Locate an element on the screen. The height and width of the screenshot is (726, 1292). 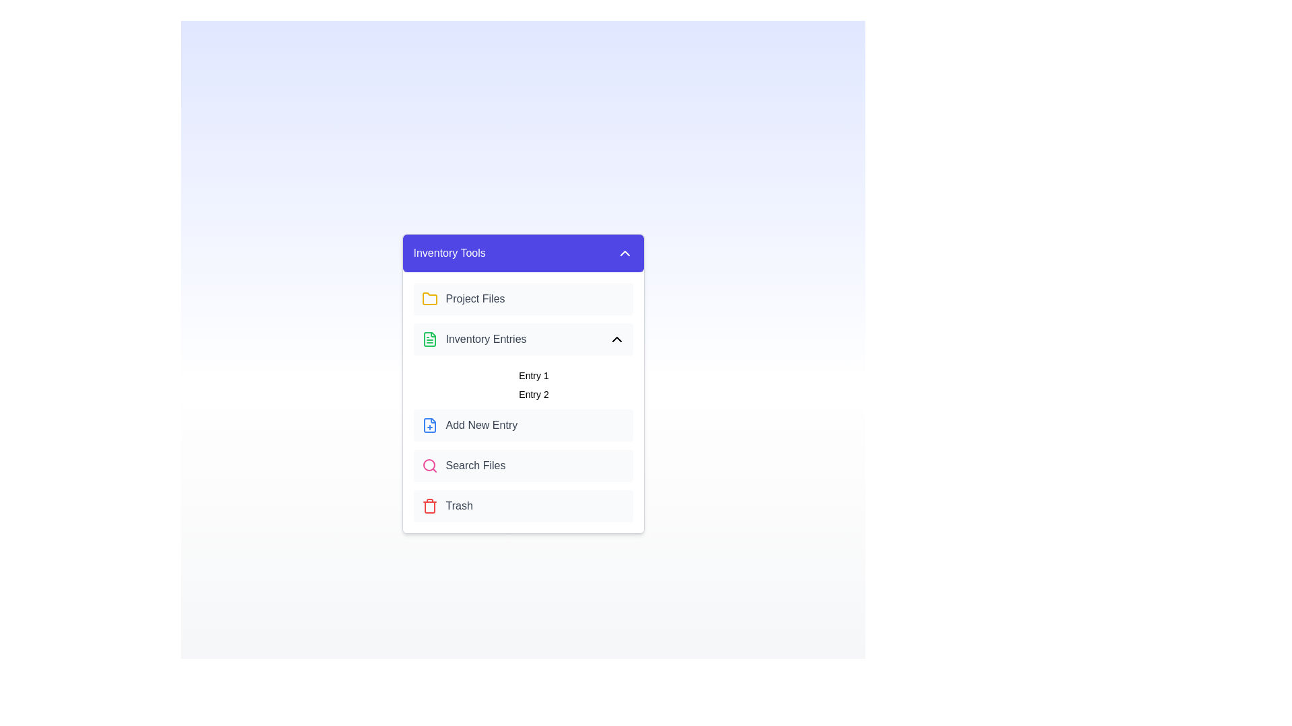
the navigation button for managing trash or deleted files, located under the 'Inventory Tools' section, specifically the last item in the list is located at coordinates (522, 506).